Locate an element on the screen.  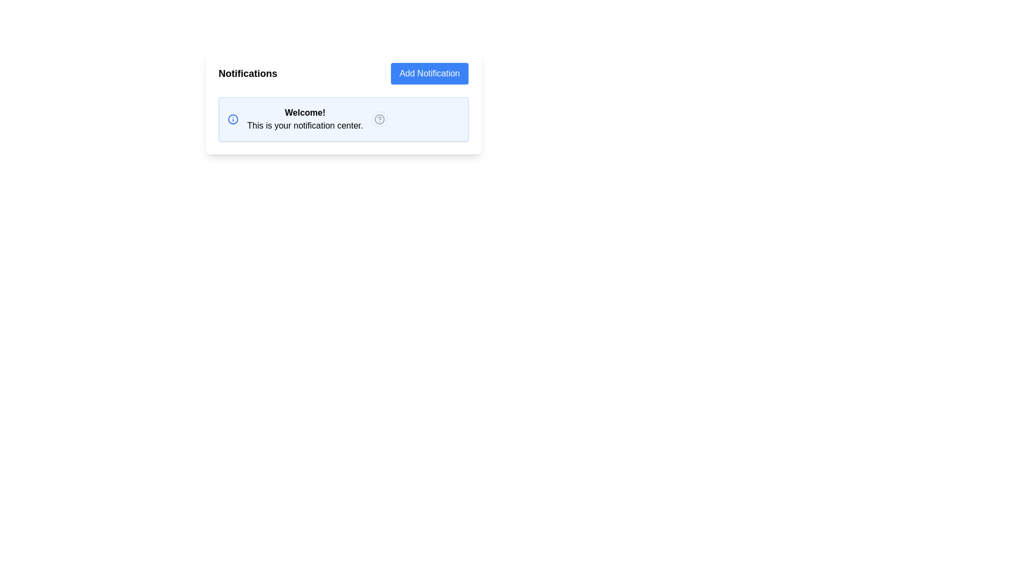
the help button located at the far right end of the notification center, which provides additional context or assistance is located at coordinates (380, 119).